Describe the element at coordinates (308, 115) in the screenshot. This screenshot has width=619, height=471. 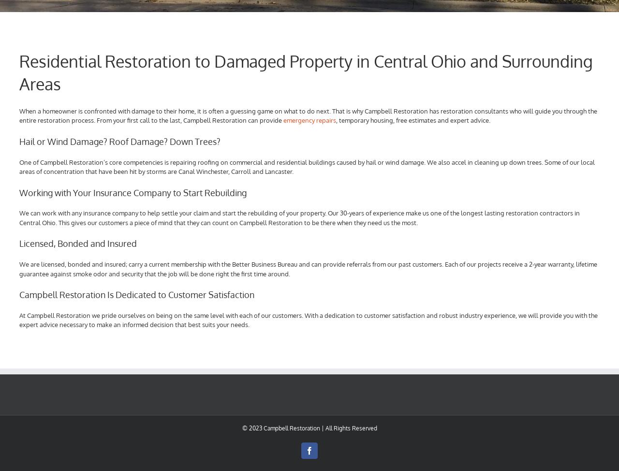
I see `'When a homeowner is confronted with damage to their home, it is often a guessing game on what to do next. That is why Campbell Restoration has restoration consultants who will guide you through the entire restoration process. From your first call to the last, Campbell Restoration can provide'` at that location.